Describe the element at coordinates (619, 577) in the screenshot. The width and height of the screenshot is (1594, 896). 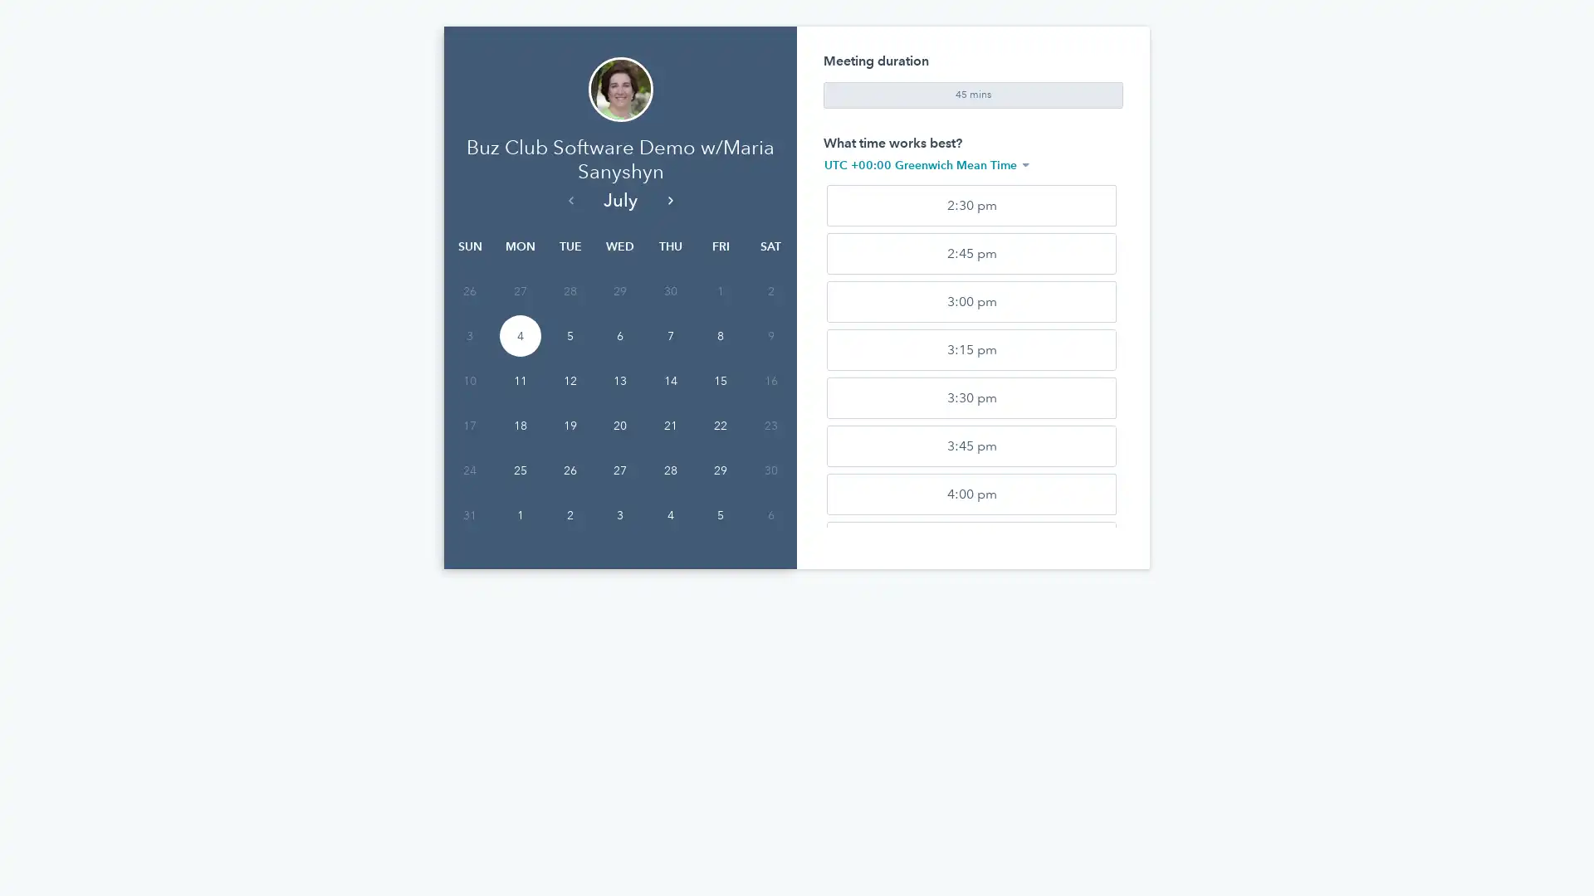
I see `August 3rd` at that location.